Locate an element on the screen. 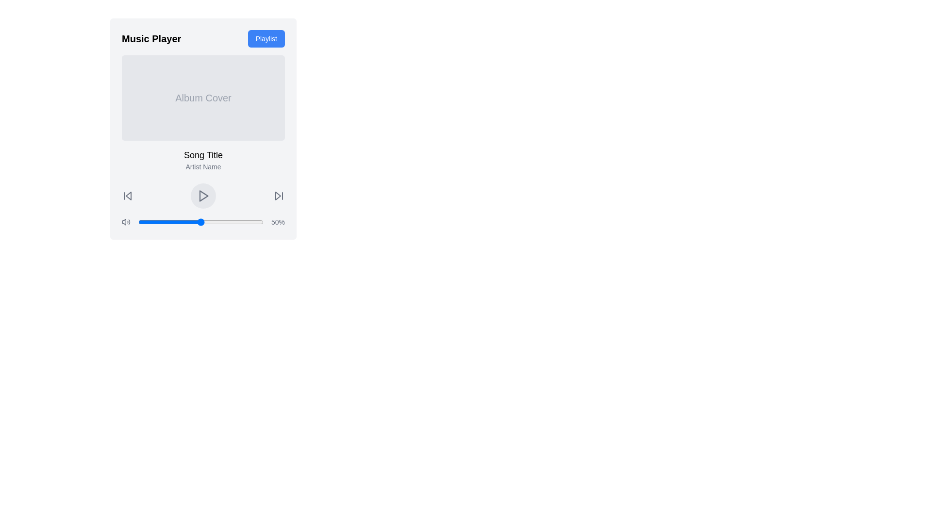 Image resolution: width=932 pixels, height=524 pixels. the circular play button icon located at the center of the music player interface is located at coordinates (202, 196).